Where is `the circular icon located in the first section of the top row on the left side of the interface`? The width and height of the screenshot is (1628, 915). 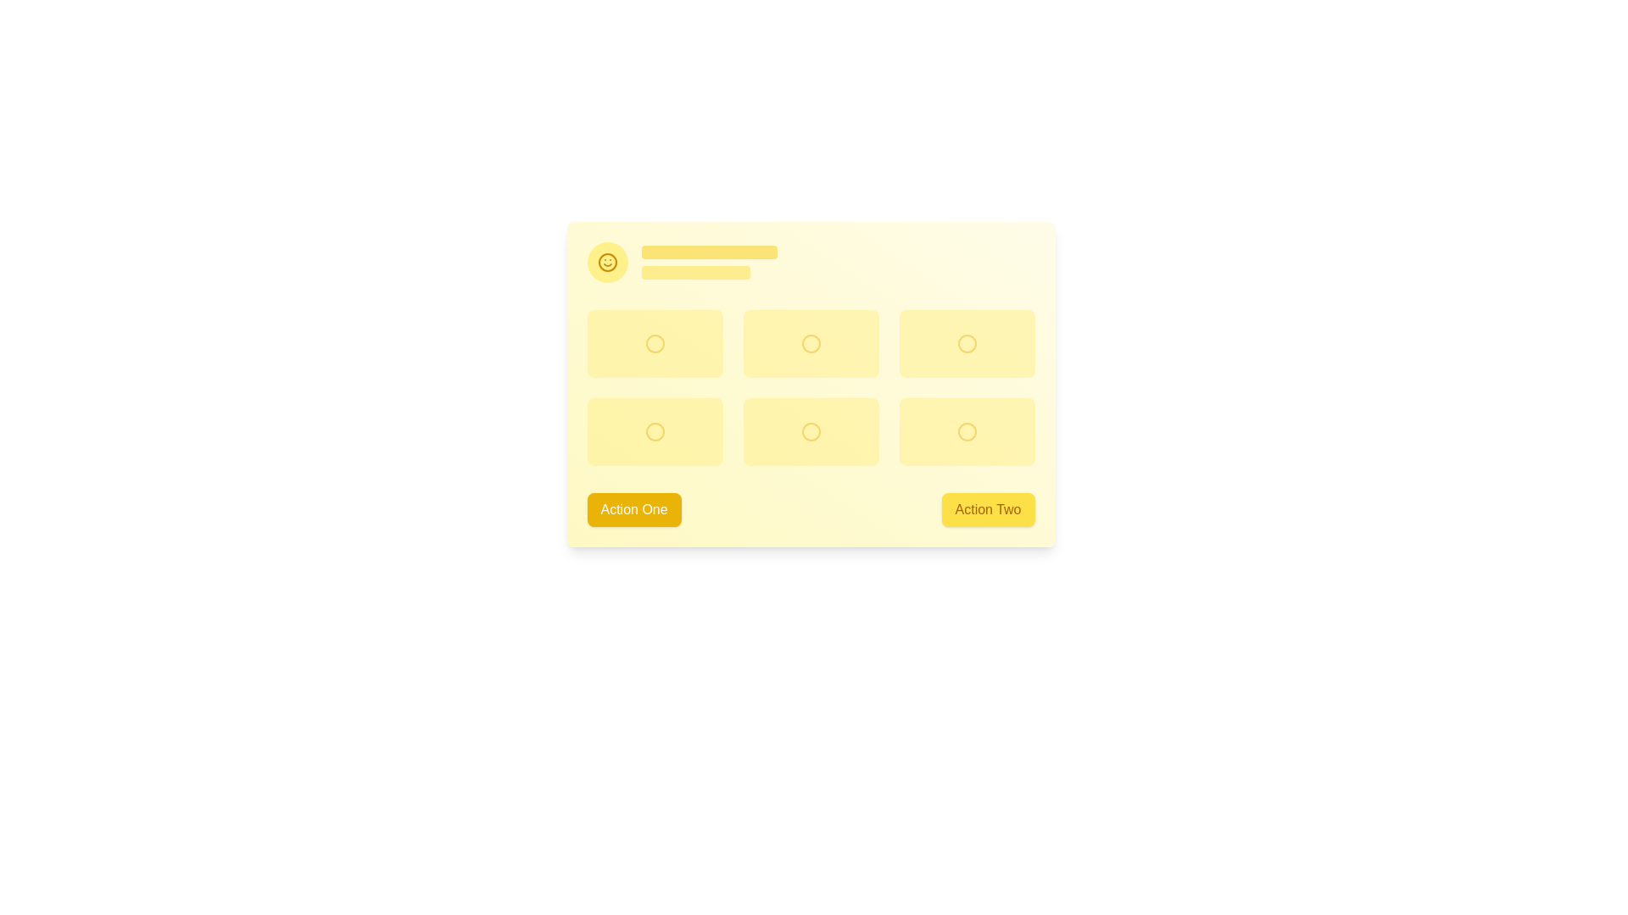 the circular icon located in the first section of the top row on the left side of the interface is located at coordinates (654, 343).